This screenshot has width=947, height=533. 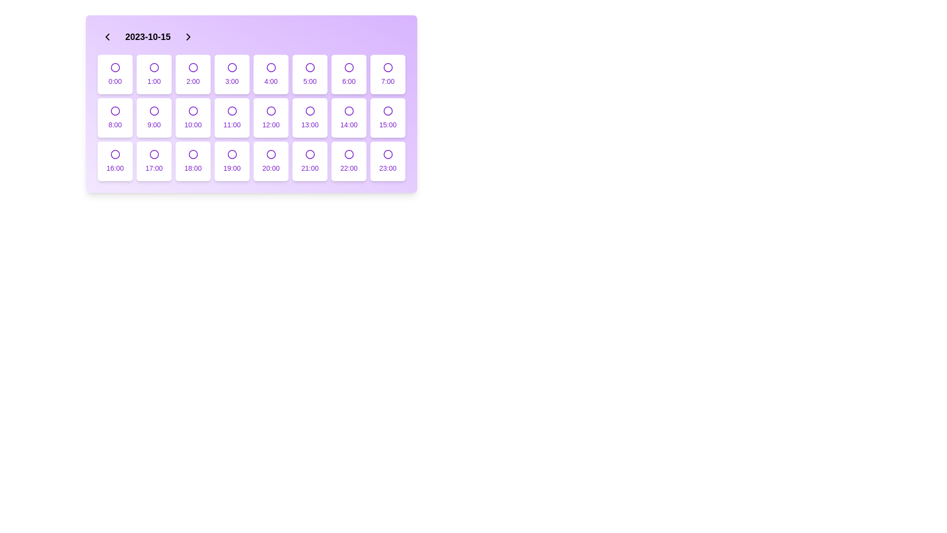 What do you see at coordinates (193, 67) in the screenshot?
I see `the active visual indicator icon with a purple stroke located next to the time label '2:00'` at bounding box center [193, 67].